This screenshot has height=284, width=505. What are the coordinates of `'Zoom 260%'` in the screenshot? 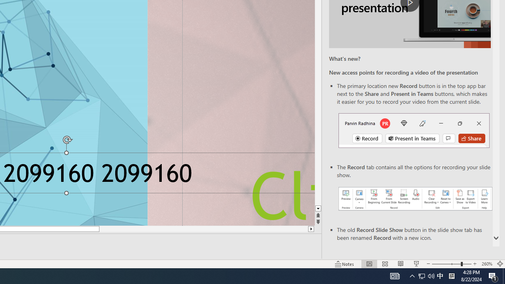 It's located at (486, 264).